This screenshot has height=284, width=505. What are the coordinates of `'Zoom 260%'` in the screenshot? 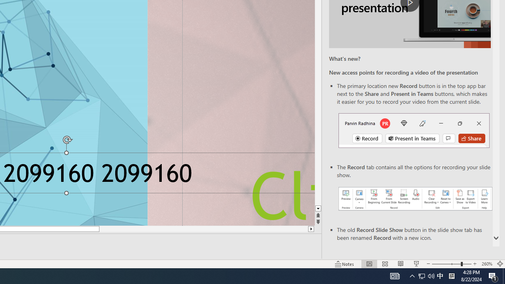 It's located at (486, 264).